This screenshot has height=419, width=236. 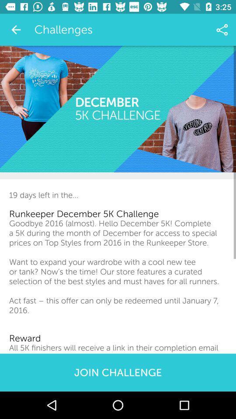 I want to click on the icon above the 19 days left item, so click(x=118, y=108).